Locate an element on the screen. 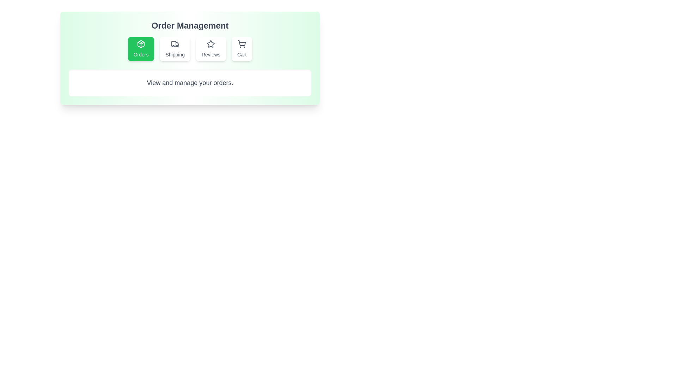 The image size is (677, 381). the package icon within the 'Orders' button is located at coordinates (141, 44).